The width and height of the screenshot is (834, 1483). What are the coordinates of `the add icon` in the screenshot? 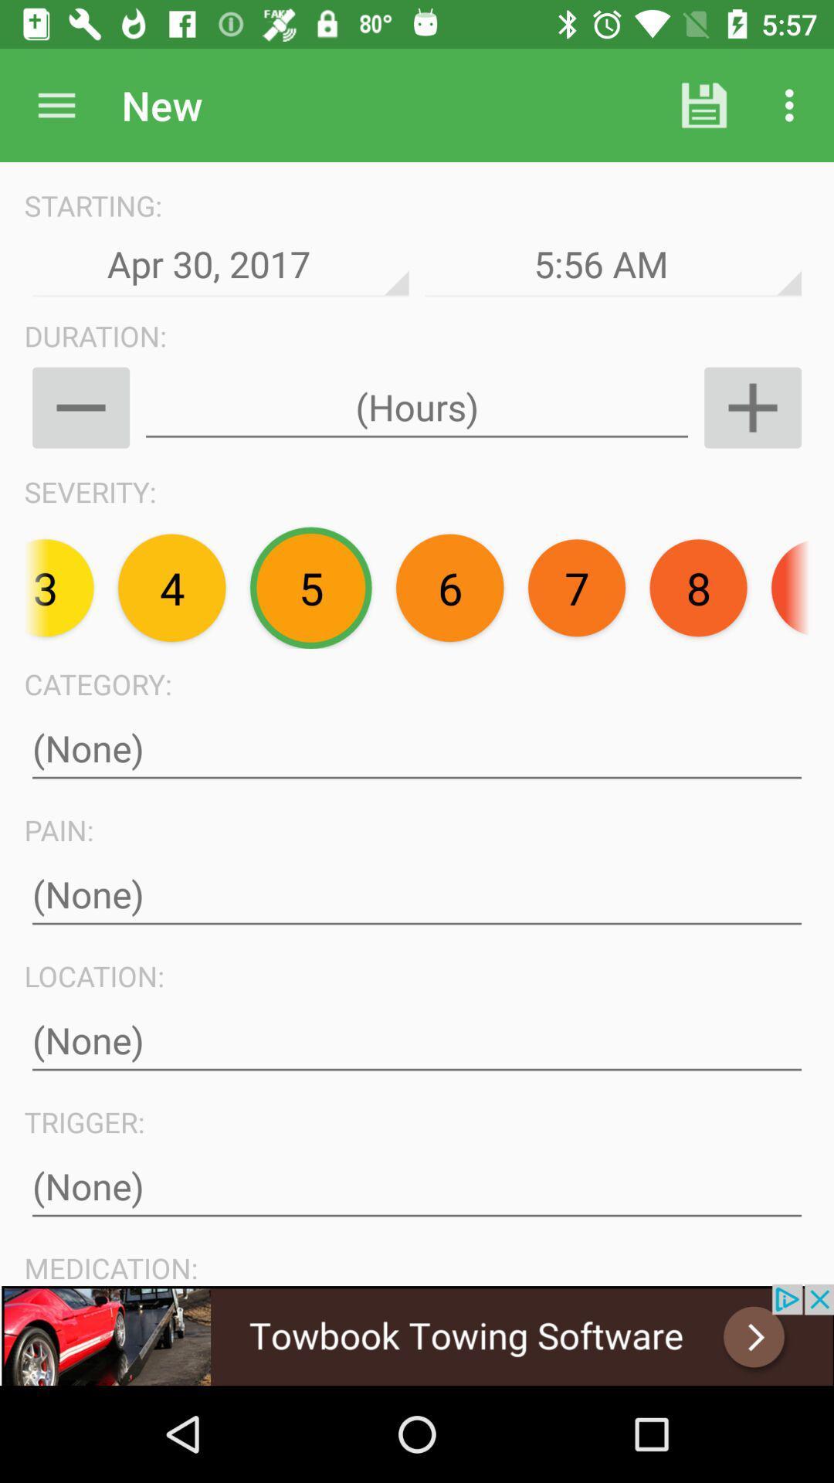 It's located at (752, 408).